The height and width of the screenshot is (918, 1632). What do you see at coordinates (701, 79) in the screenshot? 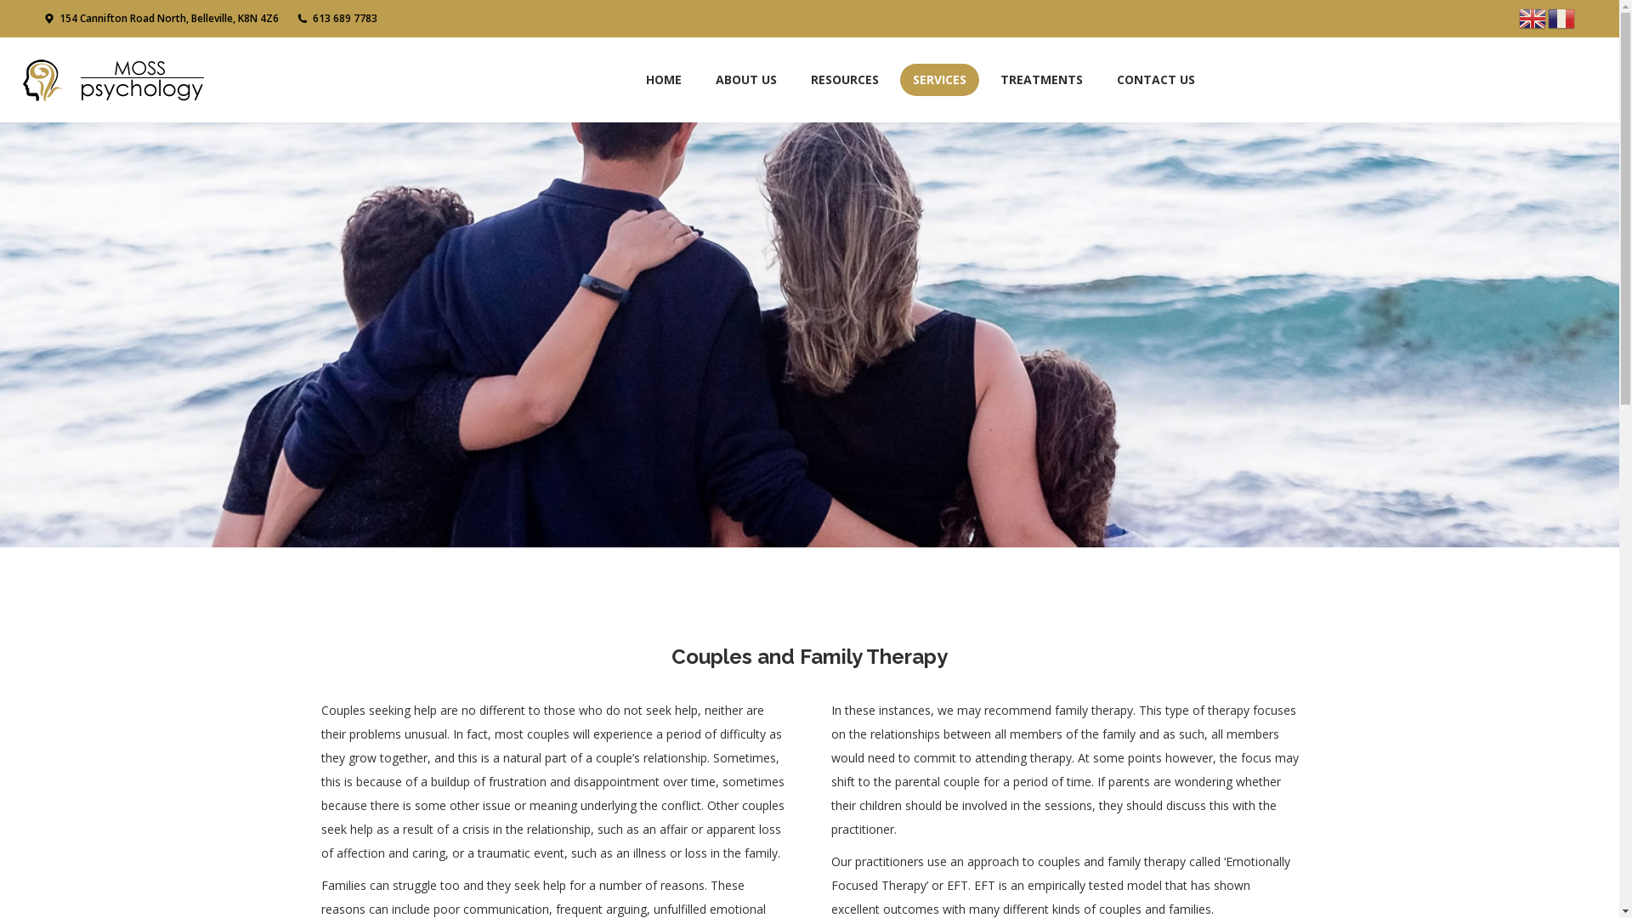
I see `'ABOUT US'` at bounding box center [701, 79].